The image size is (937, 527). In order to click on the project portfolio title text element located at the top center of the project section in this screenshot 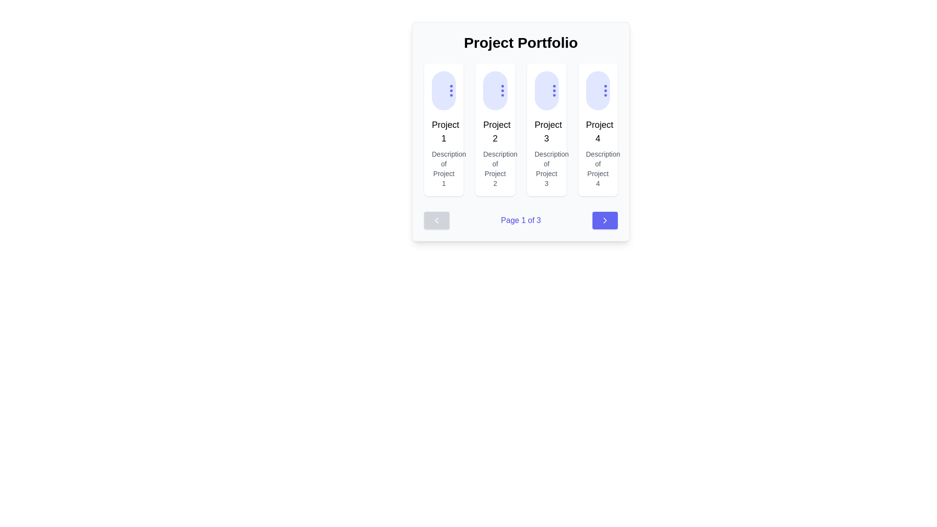, I will do `click(520, 42)`.